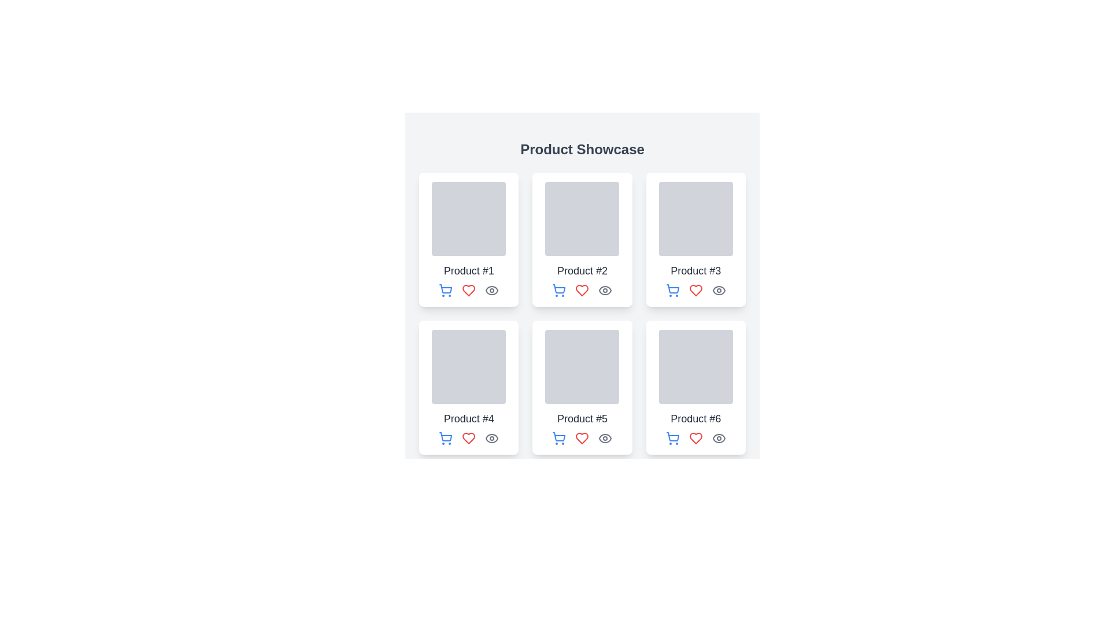 Image resolution: width=1110 pixels, height=624 pixels. What do you see at coordinates (559, 439) in the screenshot?
I see `the shopping cart icon located in the second row under the Product #5 card` at bounding box center [559, 439].